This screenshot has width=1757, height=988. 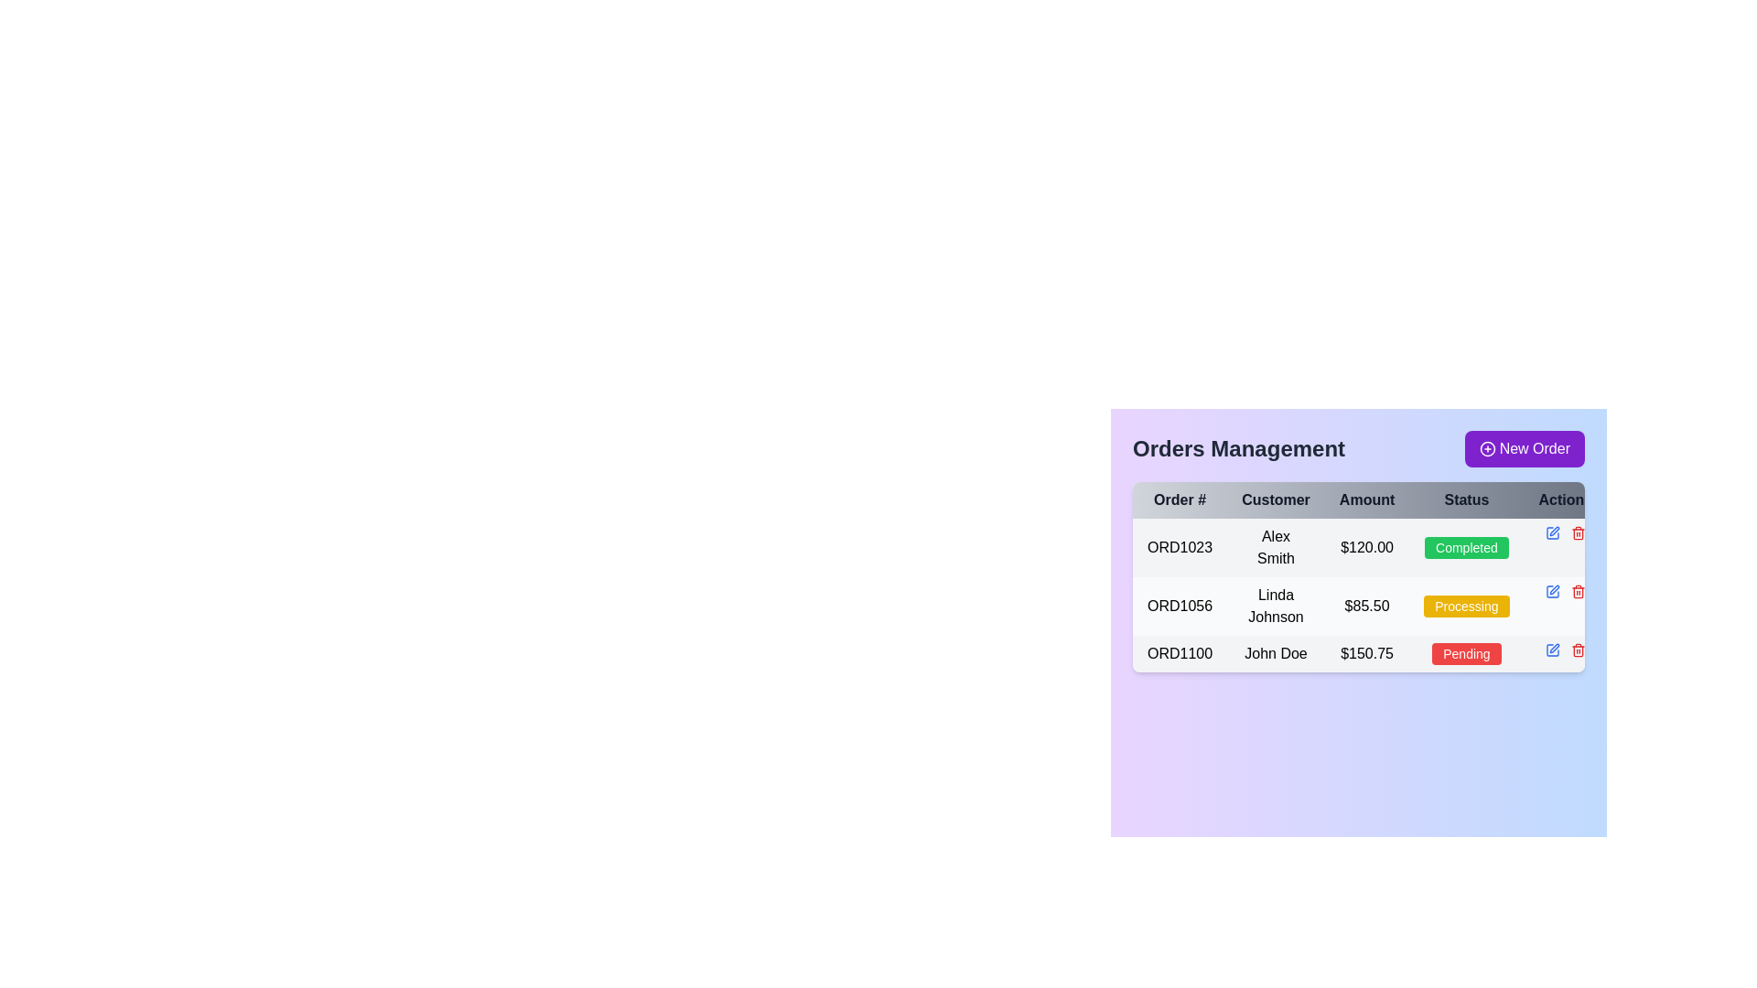 What do you see at coordinates (1370, 546) in the screenshot?
I see `the details of the first order in the Orders Management table, which displays order number, customer name, amount, and status` at bounding box center [1370, 546].